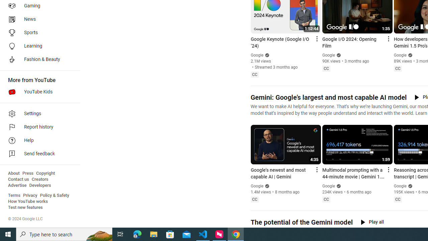 The width and height of the screenshot is (428, 241). What do you see at coordinates (40, 185) in the screenshot?
I see `'Developers'` at bounding box center [40, 185].